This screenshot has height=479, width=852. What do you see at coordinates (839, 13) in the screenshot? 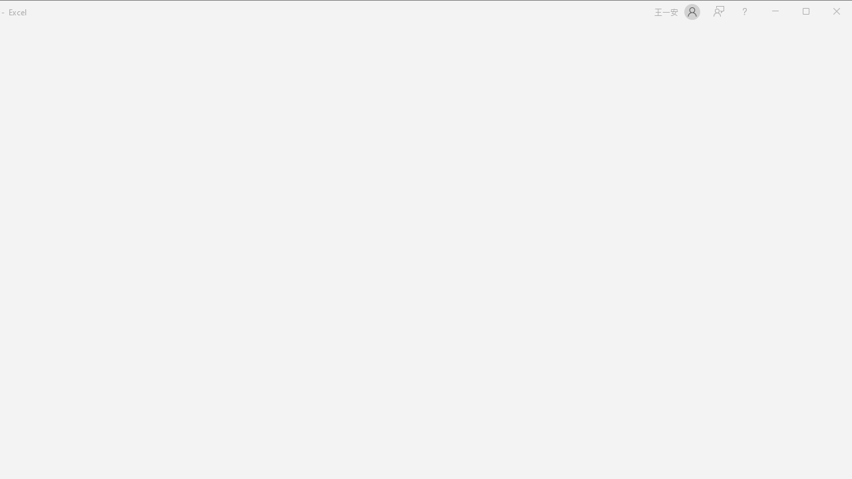
I see `'Close'` at bounding box center [839, 13].